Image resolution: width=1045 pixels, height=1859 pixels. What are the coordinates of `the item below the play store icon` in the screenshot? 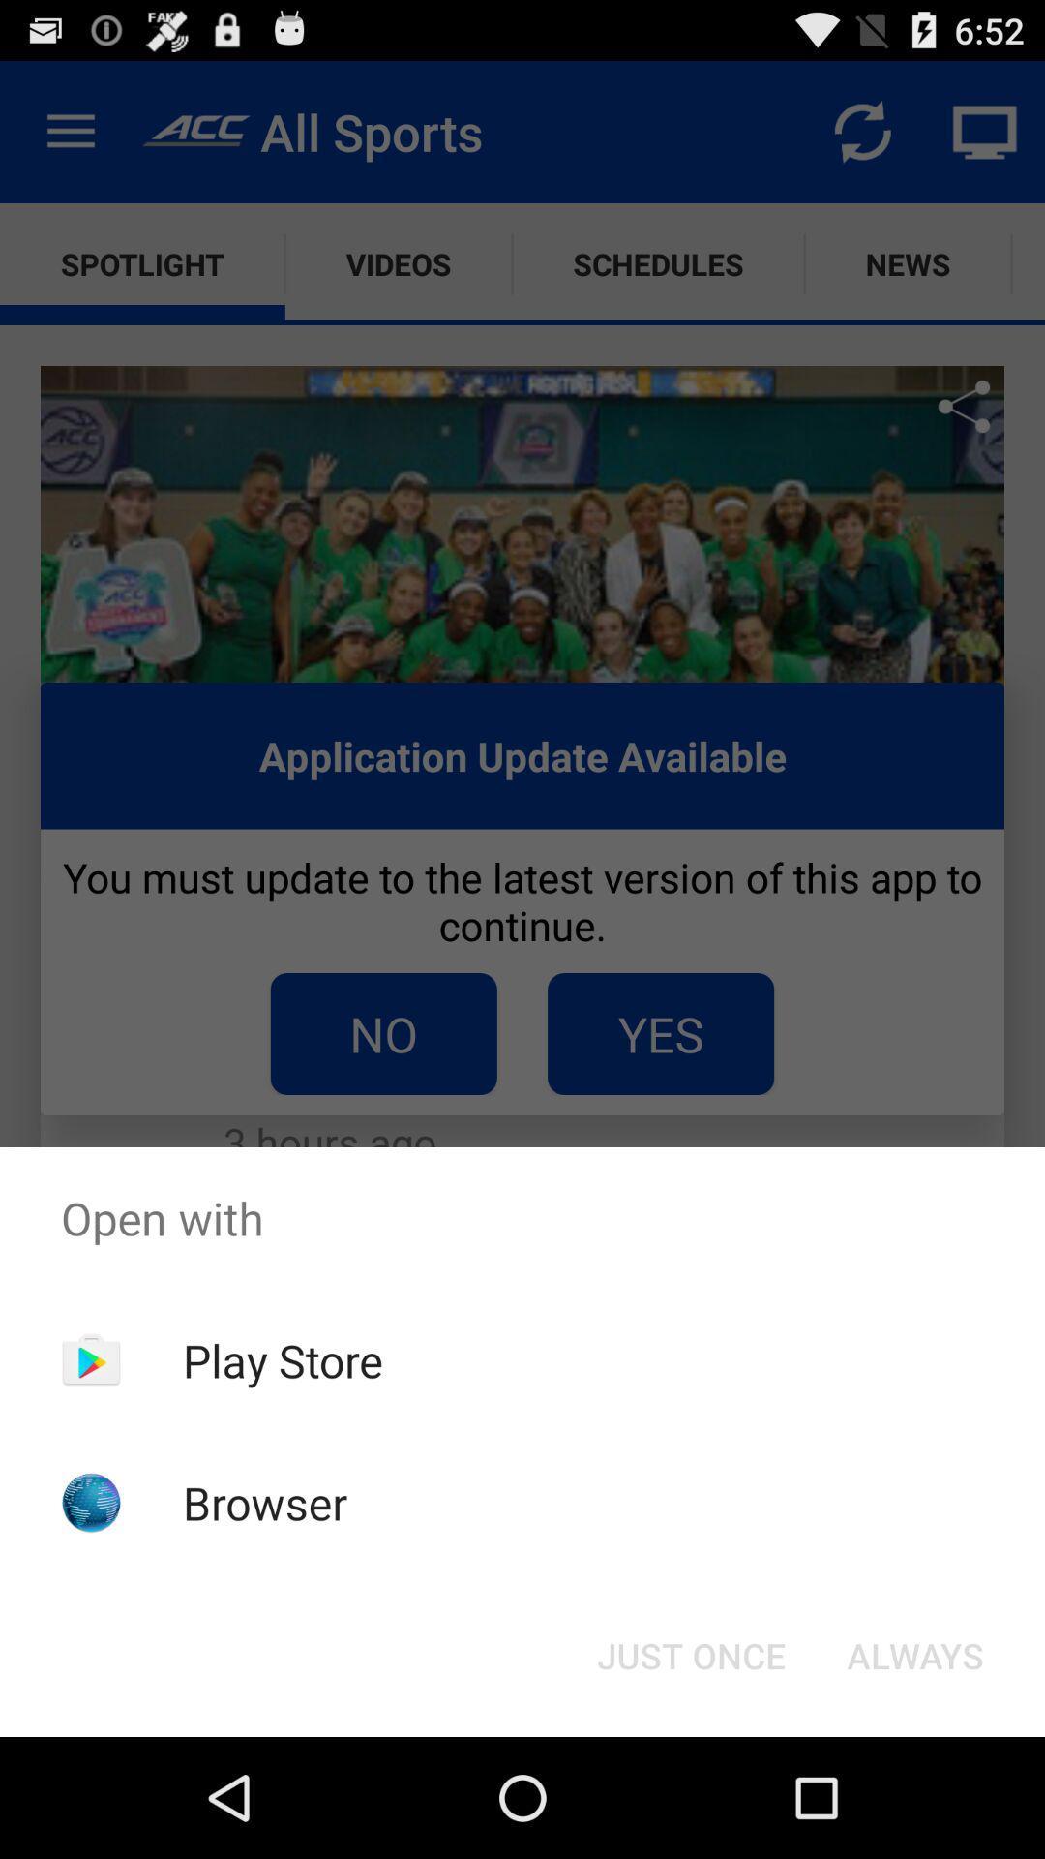 It's located at (265, 1502).